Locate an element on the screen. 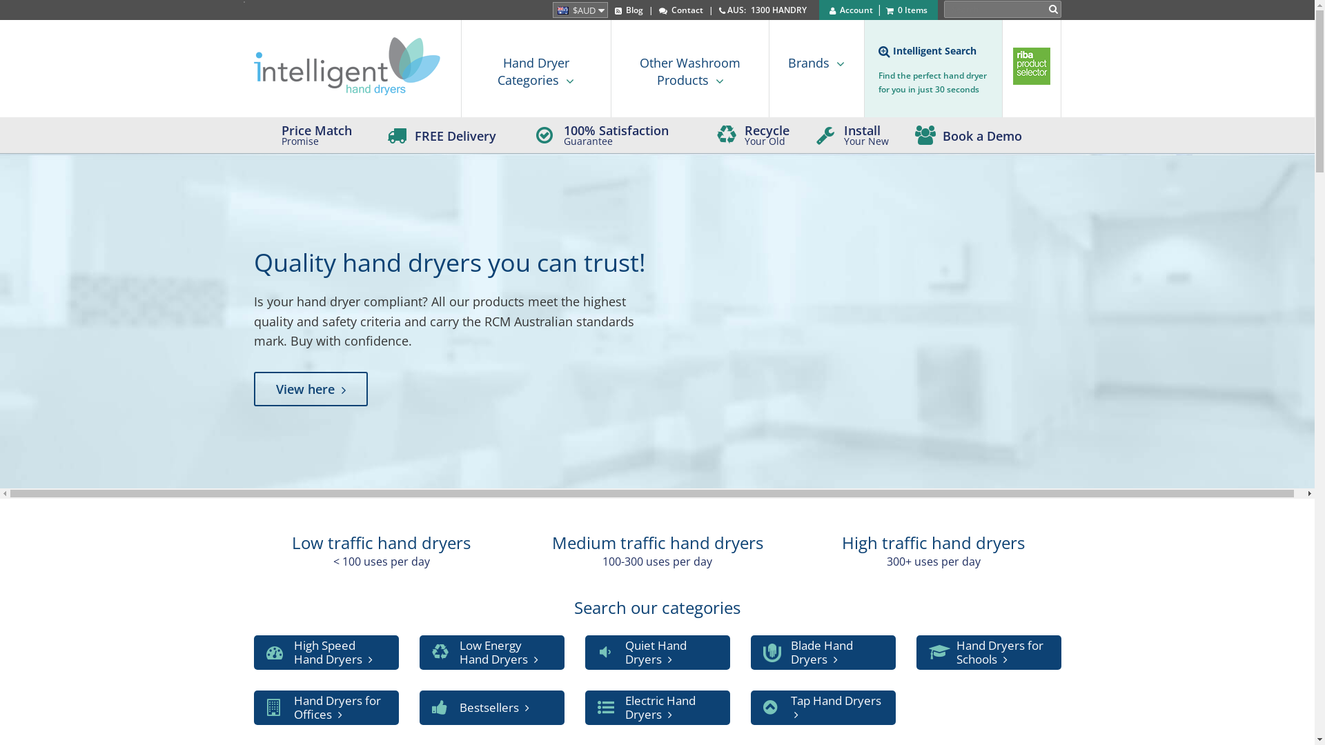 This screenshot has width=1325, height=745. 'Low Energy Hand Dryers' is located at coordinates (492, 652).